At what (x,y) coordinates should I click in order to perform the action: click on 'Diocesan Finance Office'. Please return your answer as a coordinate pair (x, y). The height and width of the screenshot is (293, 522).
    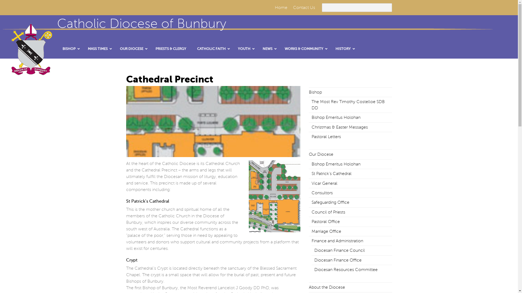
    Looking at the image, I should click on (314, 260).